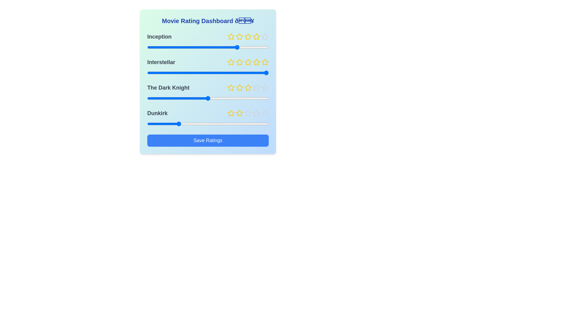 This screenshot has width=583, height=328. Describe the element at coordinates (231, 36) in the screenshot. I see `the rating for a movie to 1 stars by clicking on the corresponding star` at that location.